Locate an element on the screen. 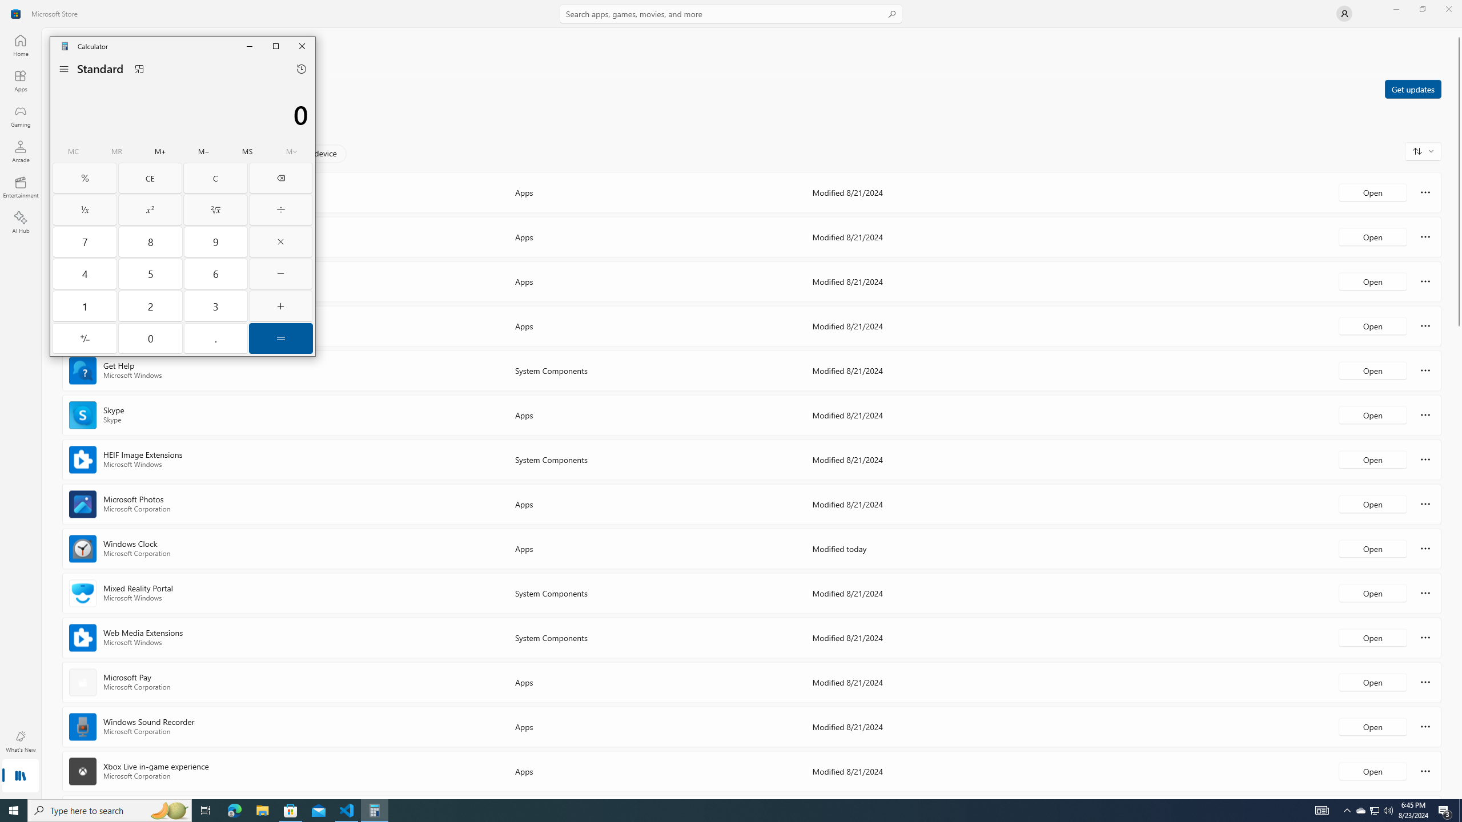 This screenshot has height=822, width=1462. 'Keep on top' is located at coordinates (139, 68).